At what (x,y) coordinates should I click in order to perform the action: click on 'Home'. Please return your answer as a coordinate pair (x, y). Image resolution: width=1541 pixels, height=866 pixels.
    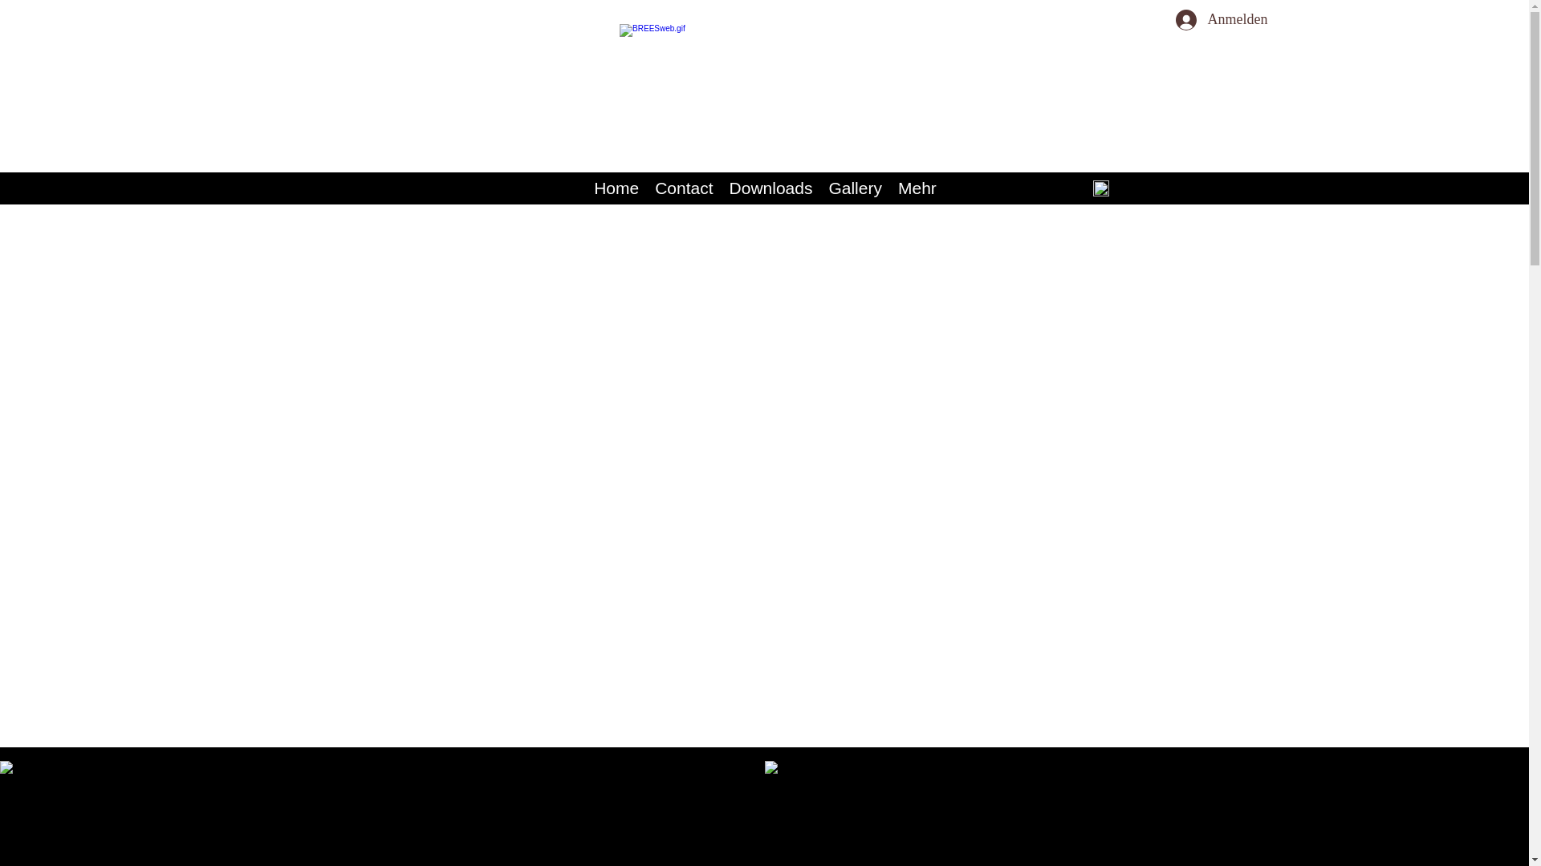
    Looking at the image, I should click on (584, 188).